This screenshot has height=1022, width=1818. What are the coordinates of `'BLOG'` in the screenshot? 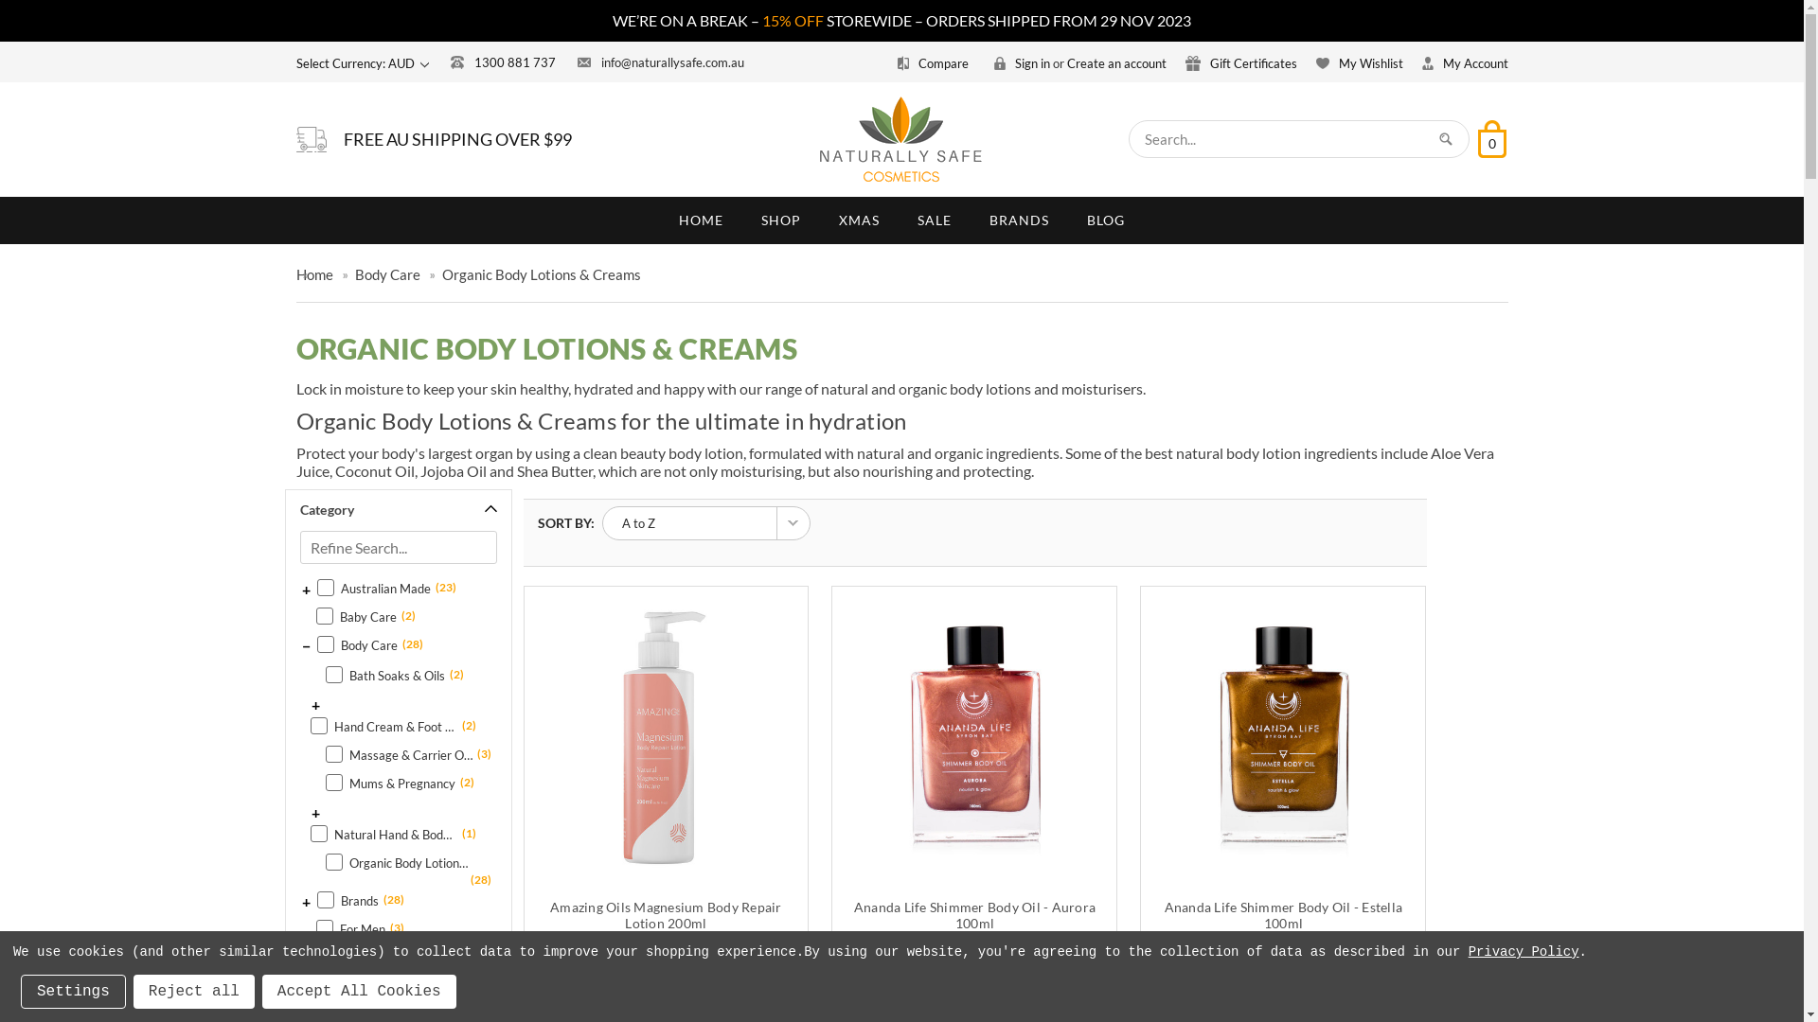 It's located at (1105, 219).